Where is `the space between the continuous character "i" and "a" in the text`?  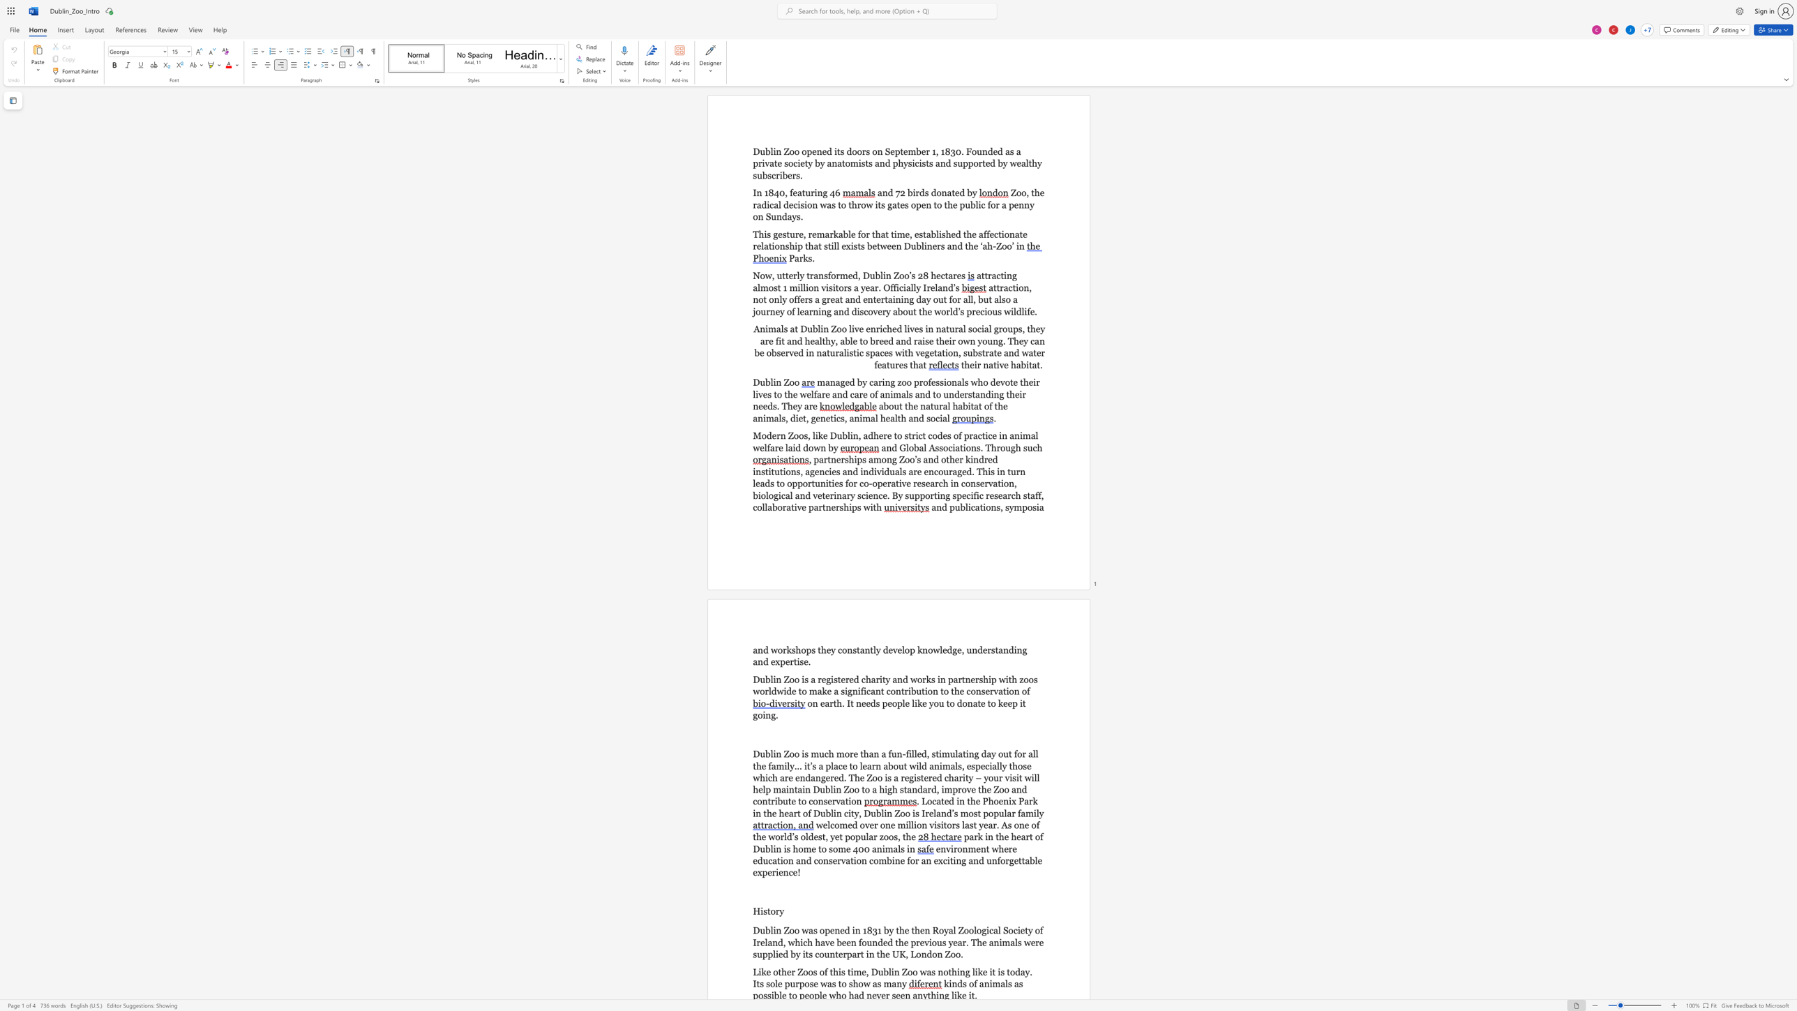 the space between the continuous character "i" and "a" in the text is located at coordinates (942, 417).